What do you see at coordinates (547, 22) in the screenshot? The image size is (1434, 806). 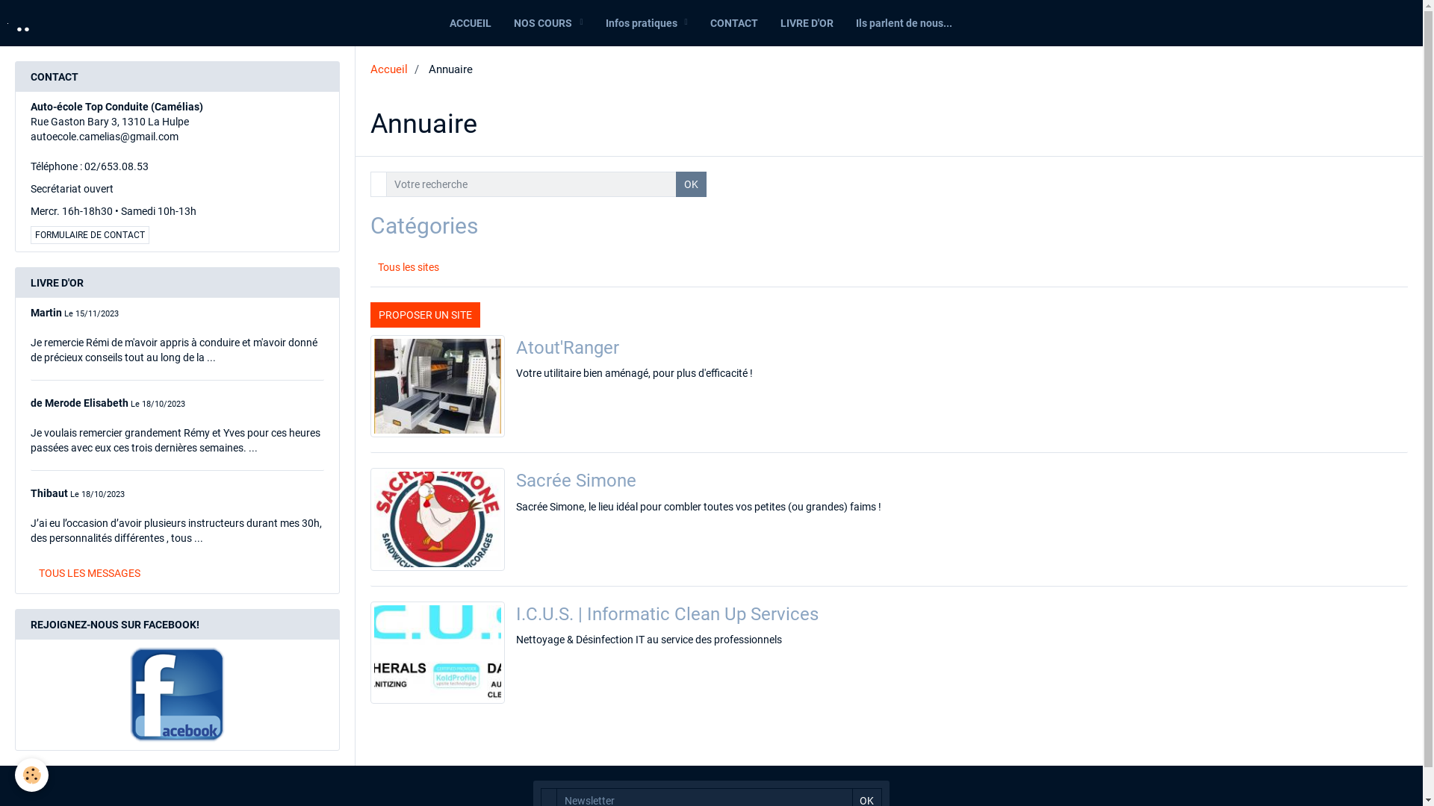 I see `'NOS COURS'` at bounding box center [547, 22].